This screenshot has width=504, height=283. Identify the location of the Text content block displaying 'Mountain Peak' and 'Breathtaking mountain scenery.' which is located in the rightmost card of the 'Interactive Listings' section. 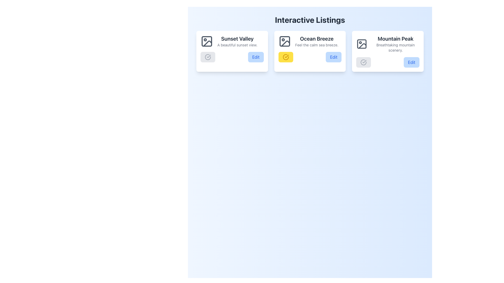
(396, 44).